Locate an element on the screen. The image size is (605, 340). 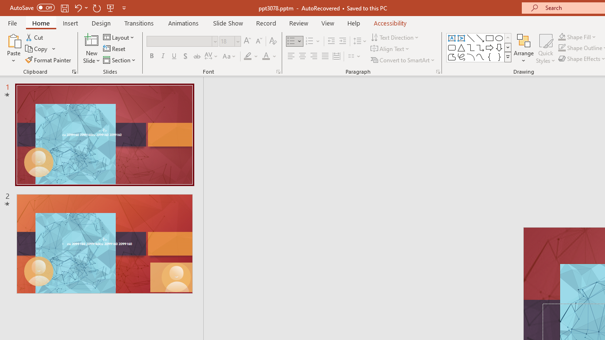
'Increase Font Size' is located at coordinates (247, 41).